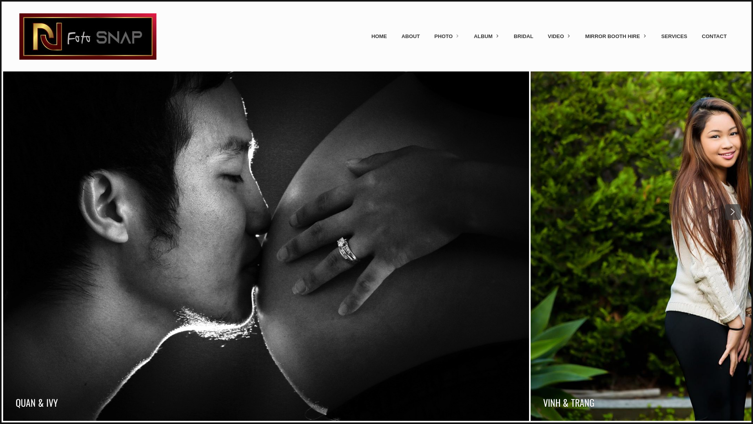 The width and height of the screenshot is (753, 424). What do you see at coordinates (410, 36) in the screenshot?
I see `'ABOUT'` at bounding box center [410, 36].